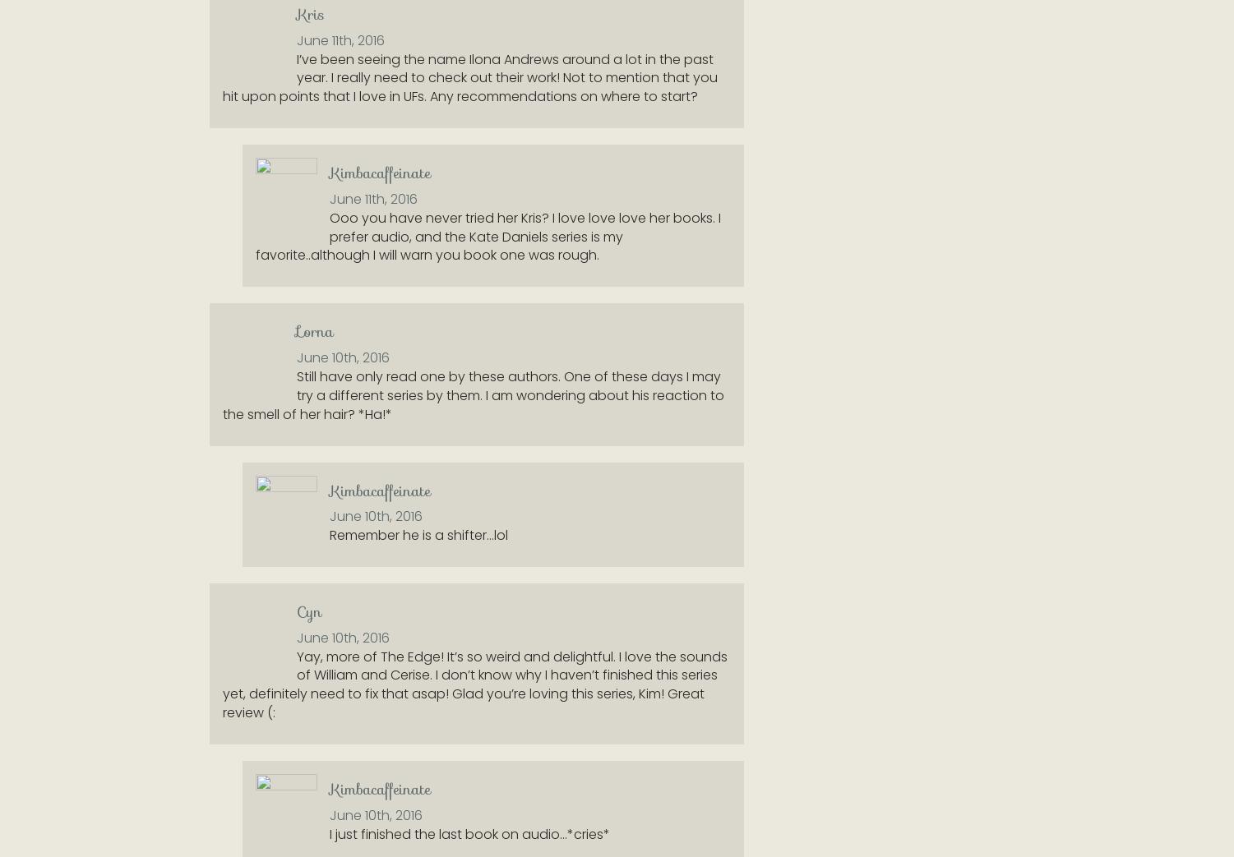  What do you see at coordinates (309, 13) in the screenshot?
I see `'Kris'` at bounding box center [309, 13].